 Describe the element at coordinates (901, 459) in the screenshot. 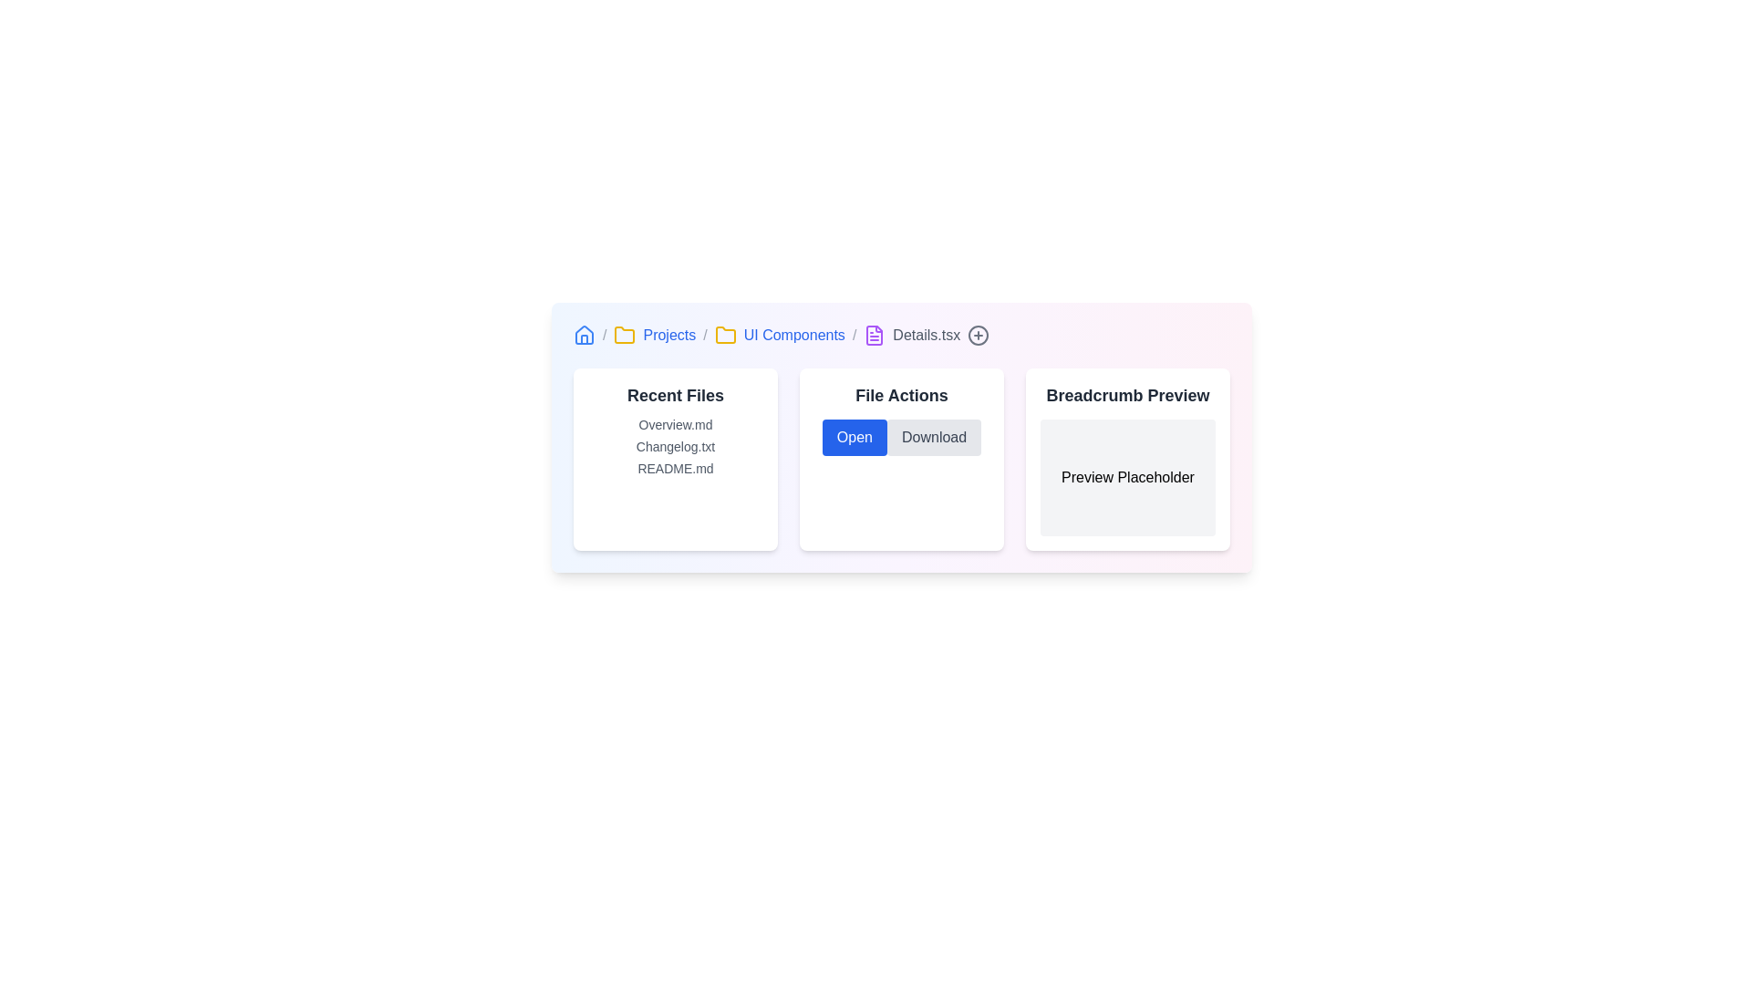

I see `the 'Download' button located within the 'File Actions' control panel to initiate the download of a file` at that location.